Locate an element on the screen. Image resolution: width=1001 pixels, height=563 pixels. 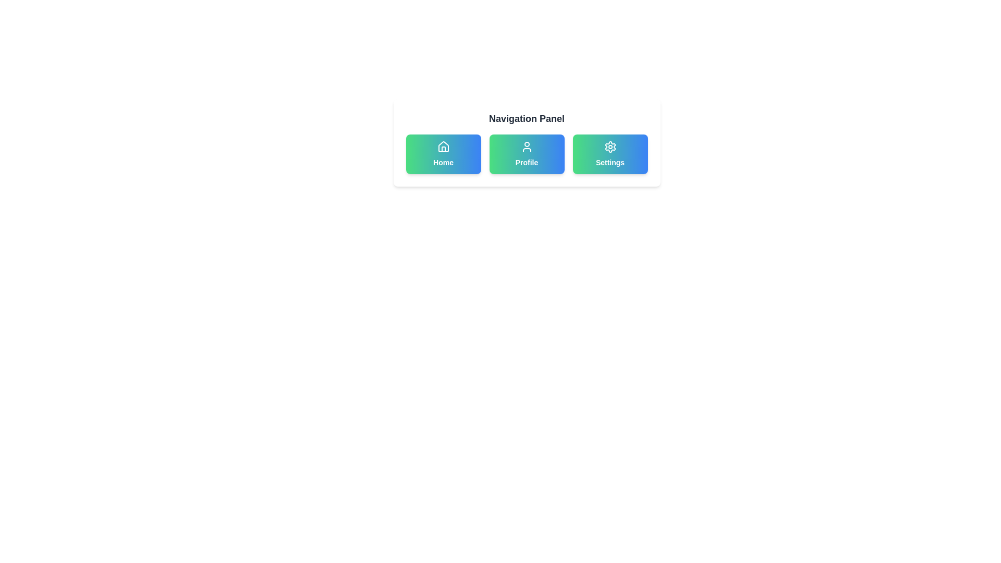
the house-shaped icon located at the center of the 'Home' button in the Navigation Panel is located at coordinates (443, 146).